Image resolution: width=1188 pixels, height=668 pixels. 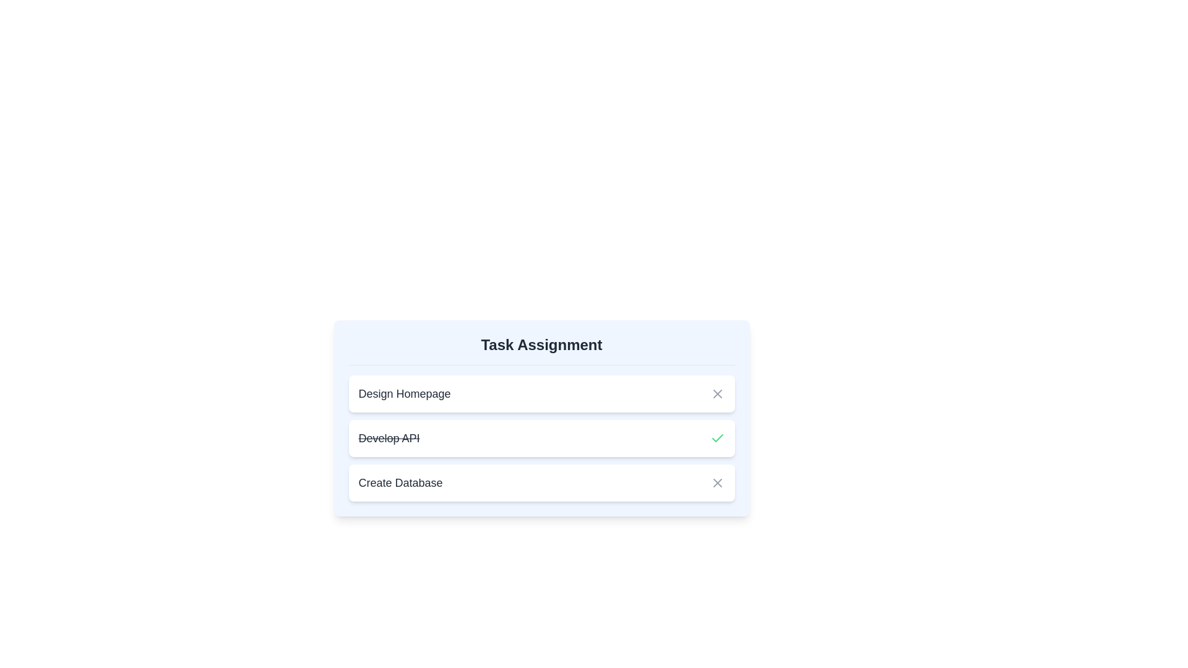 I want to click on the checkmark icon indicating the completion of the 'Develop API' task, so click(x=717, y=438).